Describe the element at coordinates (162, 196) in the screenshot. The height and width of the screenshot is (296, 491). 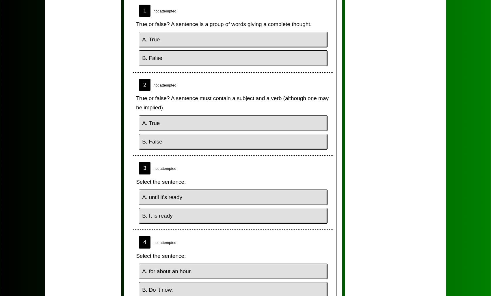
I see `'A. until it's ready'` at that location.